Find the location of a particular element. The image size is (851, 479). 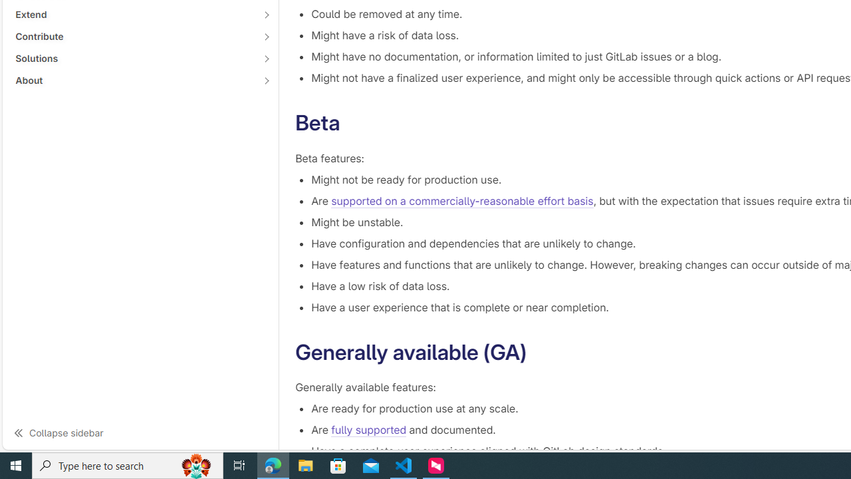

'supported on a commercially-reasonable effort basis' is located at coordinates (462, 201).